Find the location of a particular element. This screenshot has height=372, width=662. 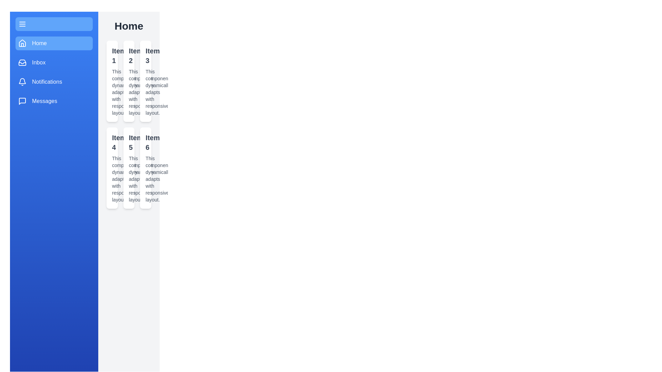

text label element displaying 'This component dynamically adapts with responsive layout.' located below the heading 'Item 3' in the rounded panel is located at coordinates (145, 92).